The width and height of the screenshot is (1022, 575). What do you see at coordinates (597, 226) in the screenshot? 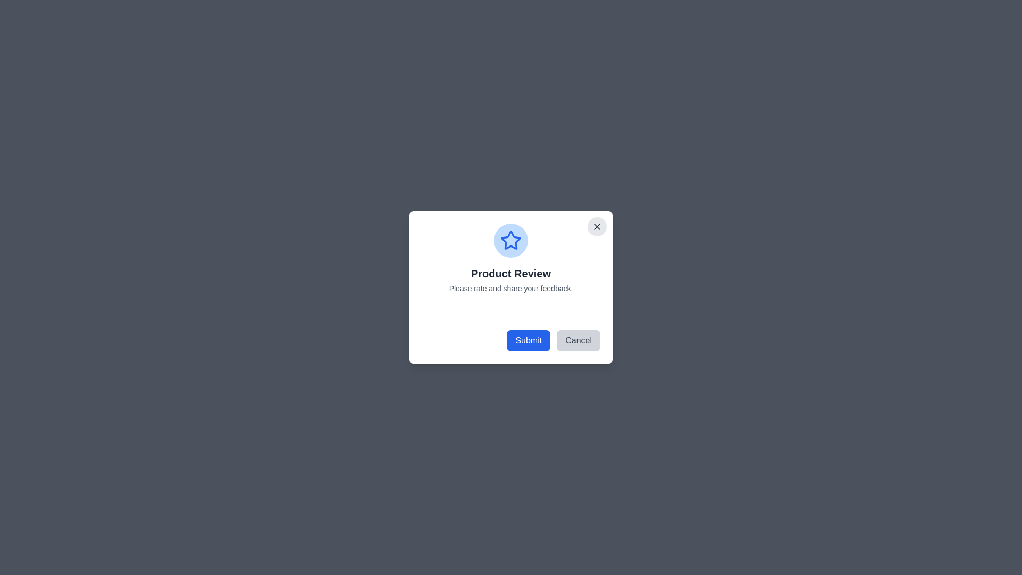
I see `the Close button, which is a gray cross-shaped icon located in the upper-right corner of the modal dialog box` at bounding box center [597, 226].